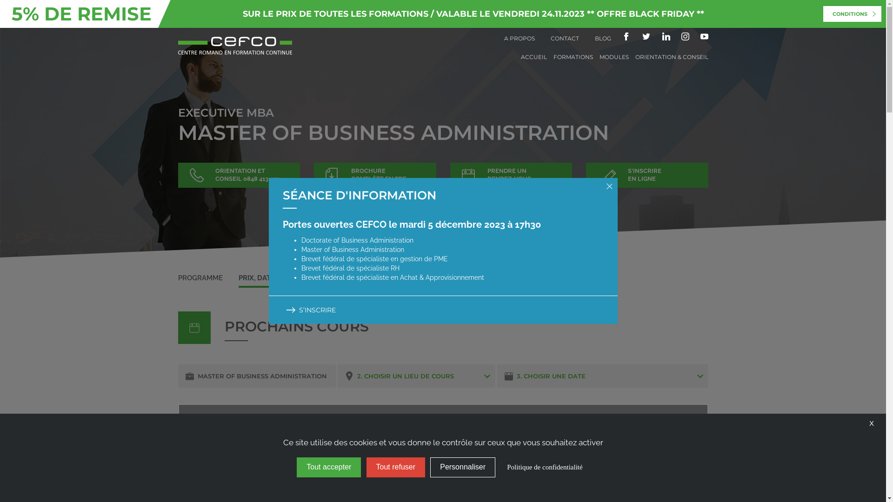  What do you see at coordinates (533, 57) in the screenshot?
I see `'ACCUEIL'` at bounding box center [533, 57].